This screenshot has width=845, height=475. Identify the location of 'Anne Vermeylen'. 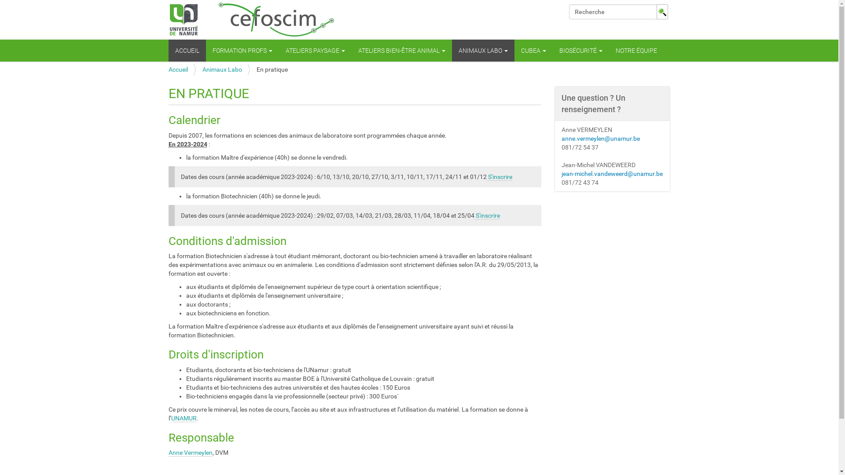
(190, 453).